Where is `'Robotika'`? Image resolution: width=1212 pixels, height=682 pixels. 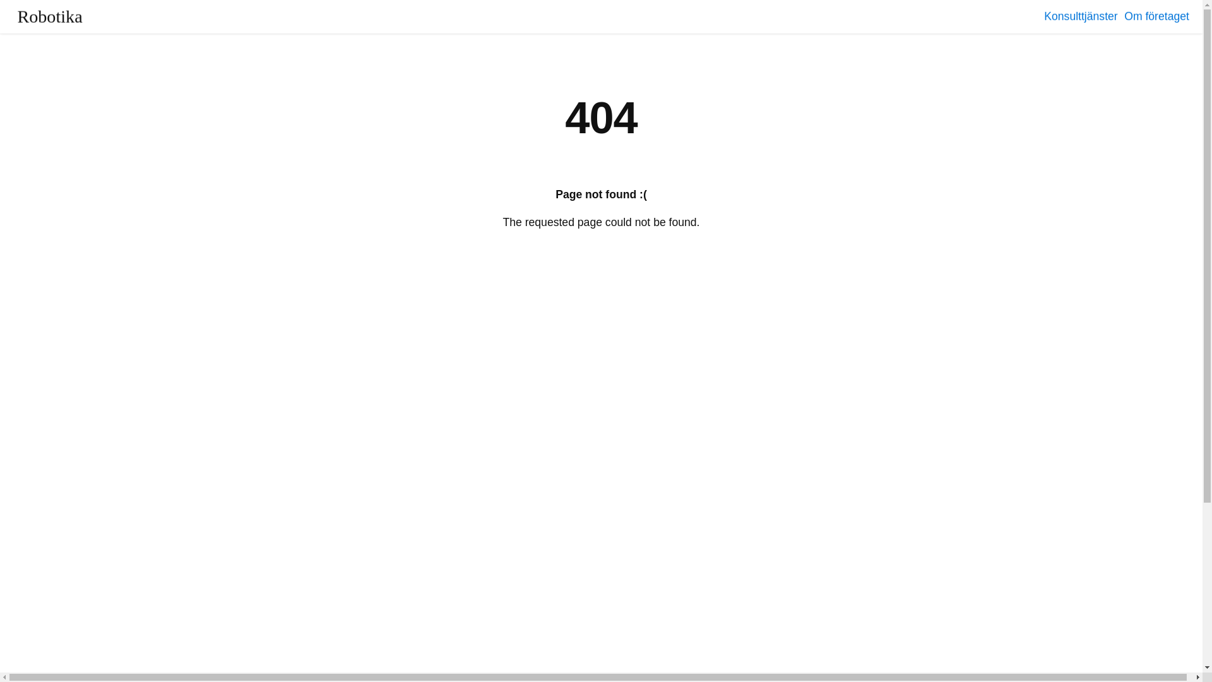
'Robotika' is located at coordinates (6, 16).